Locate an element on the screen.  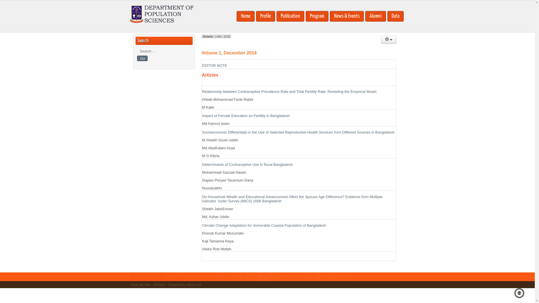
'Obroll.com' is located at coordinates (194, 284).